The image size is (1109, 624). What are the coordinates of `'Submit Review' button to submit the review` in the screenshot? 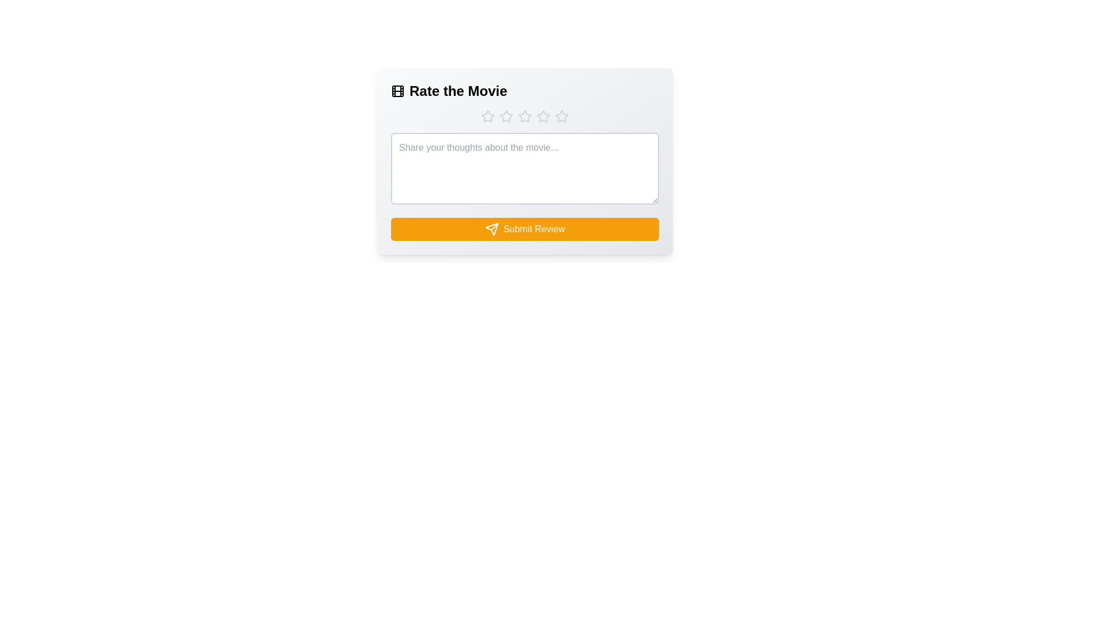 It's located at (524, 229).